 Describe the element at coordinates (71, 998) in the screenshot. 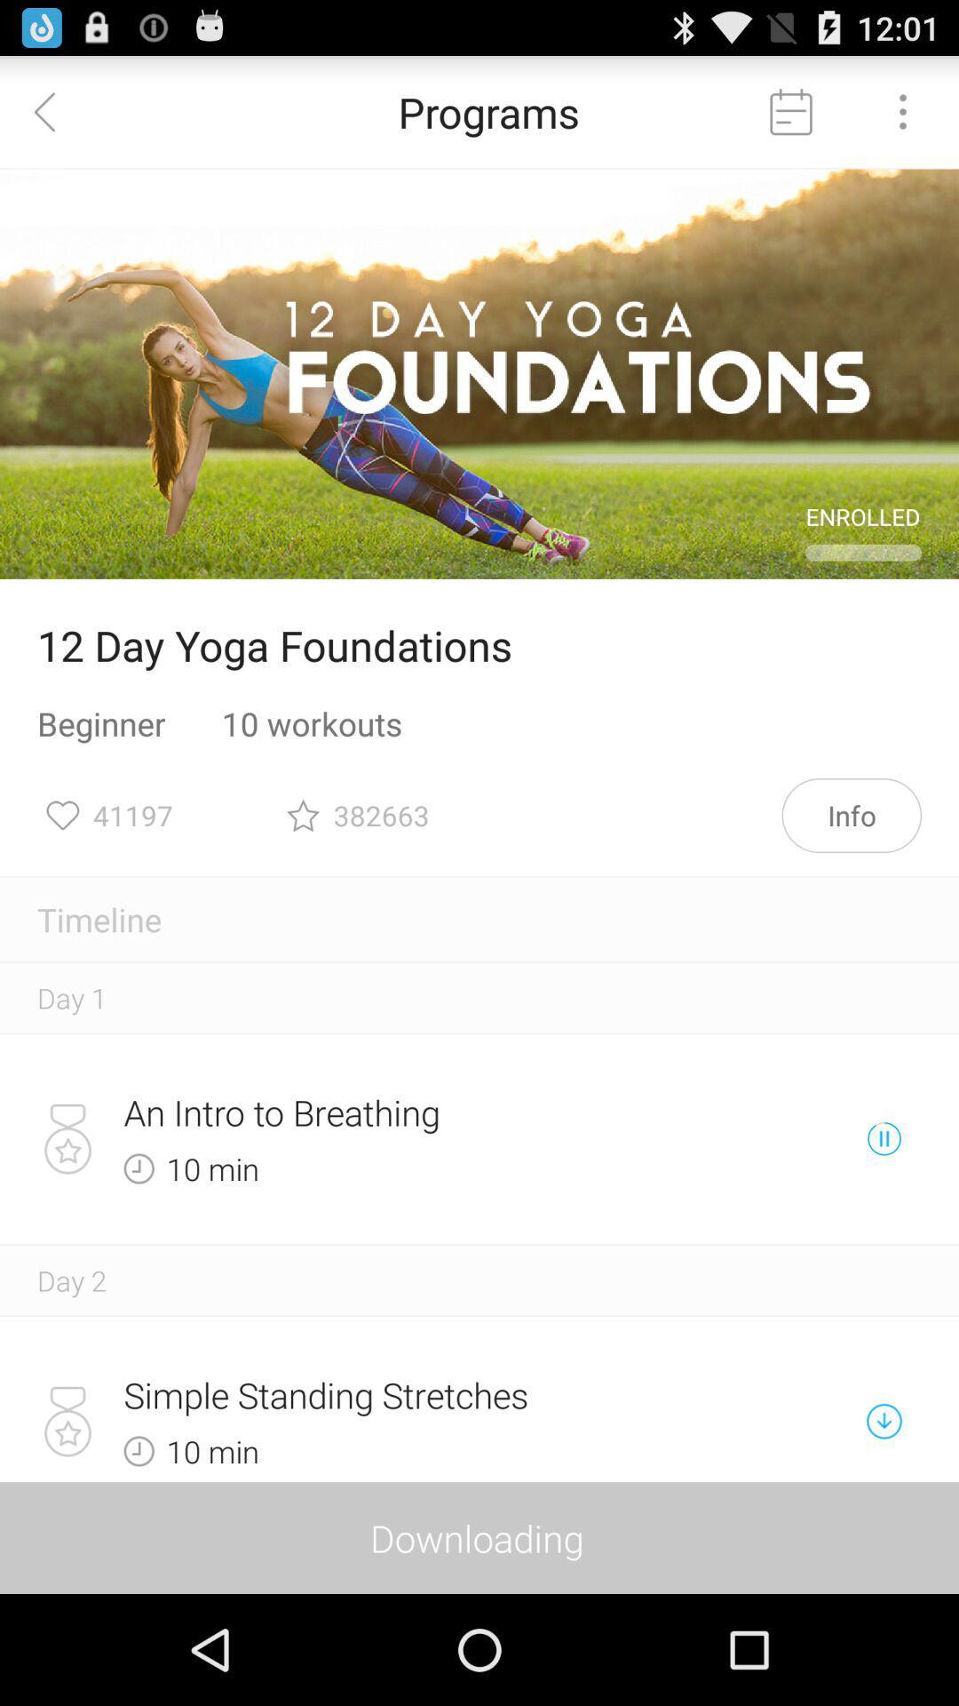

I see `the day 1 item` at that location.